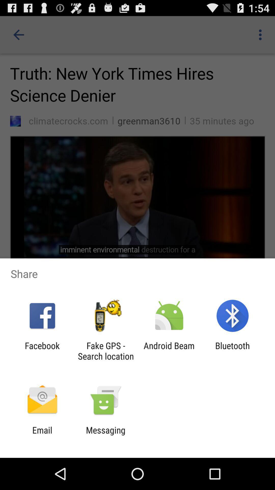 Image resolution: width=275 pixels, height=490 pixels. What do you see at coordinates (105, 351) in the screenshot?
I see `the icon next to facebook icon` at bounding box center [105, 351].